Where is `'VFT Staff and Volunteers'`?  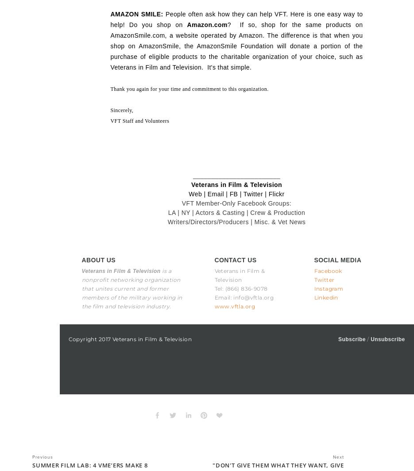
'VFT Staff and Volunteers' is located at coordinates (139, 121).